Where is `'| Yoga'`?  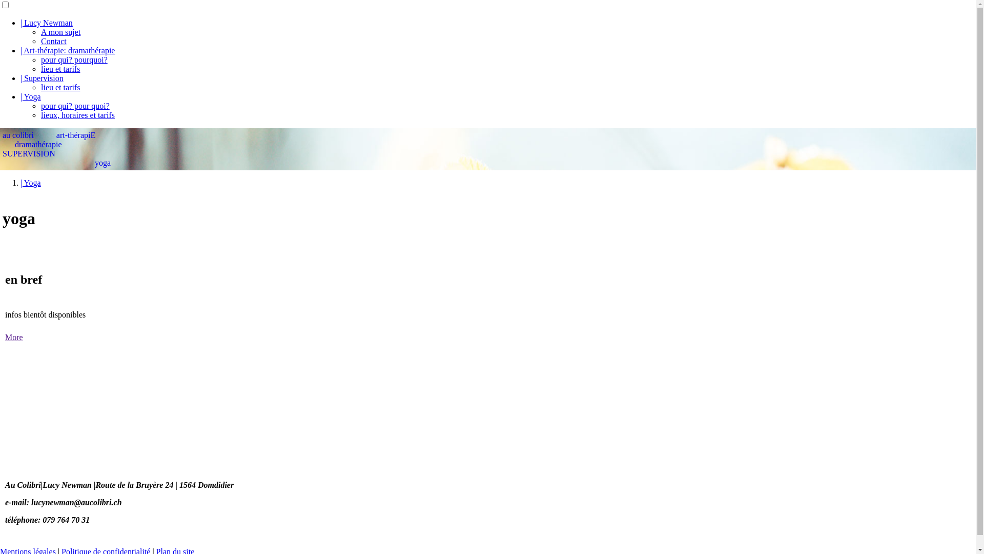
'| Yoga' is located at coordinates (30, 182).